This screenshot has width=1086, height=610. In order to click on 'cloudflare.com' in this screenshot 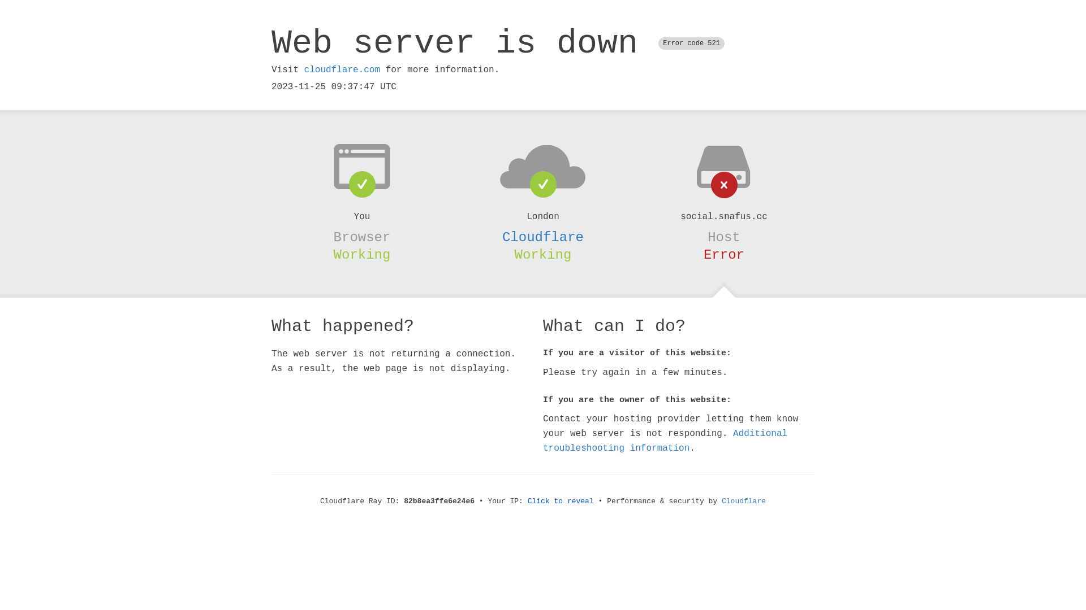, I will do `click(304, 69)`.